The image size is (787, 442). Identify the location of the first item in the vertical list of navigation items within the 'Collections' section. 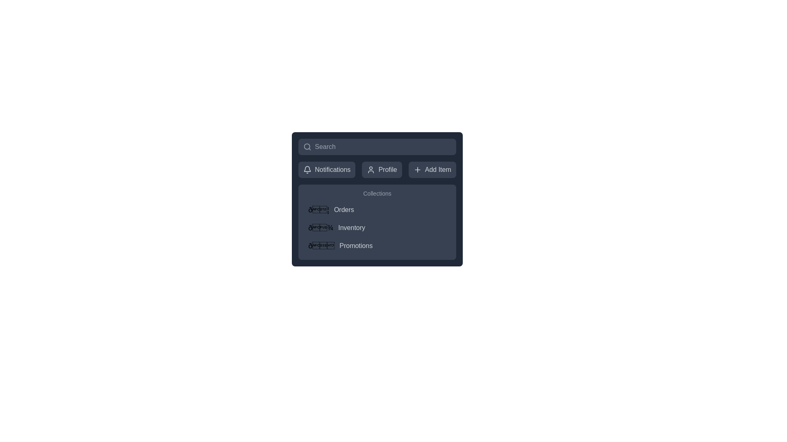
(377, 210).